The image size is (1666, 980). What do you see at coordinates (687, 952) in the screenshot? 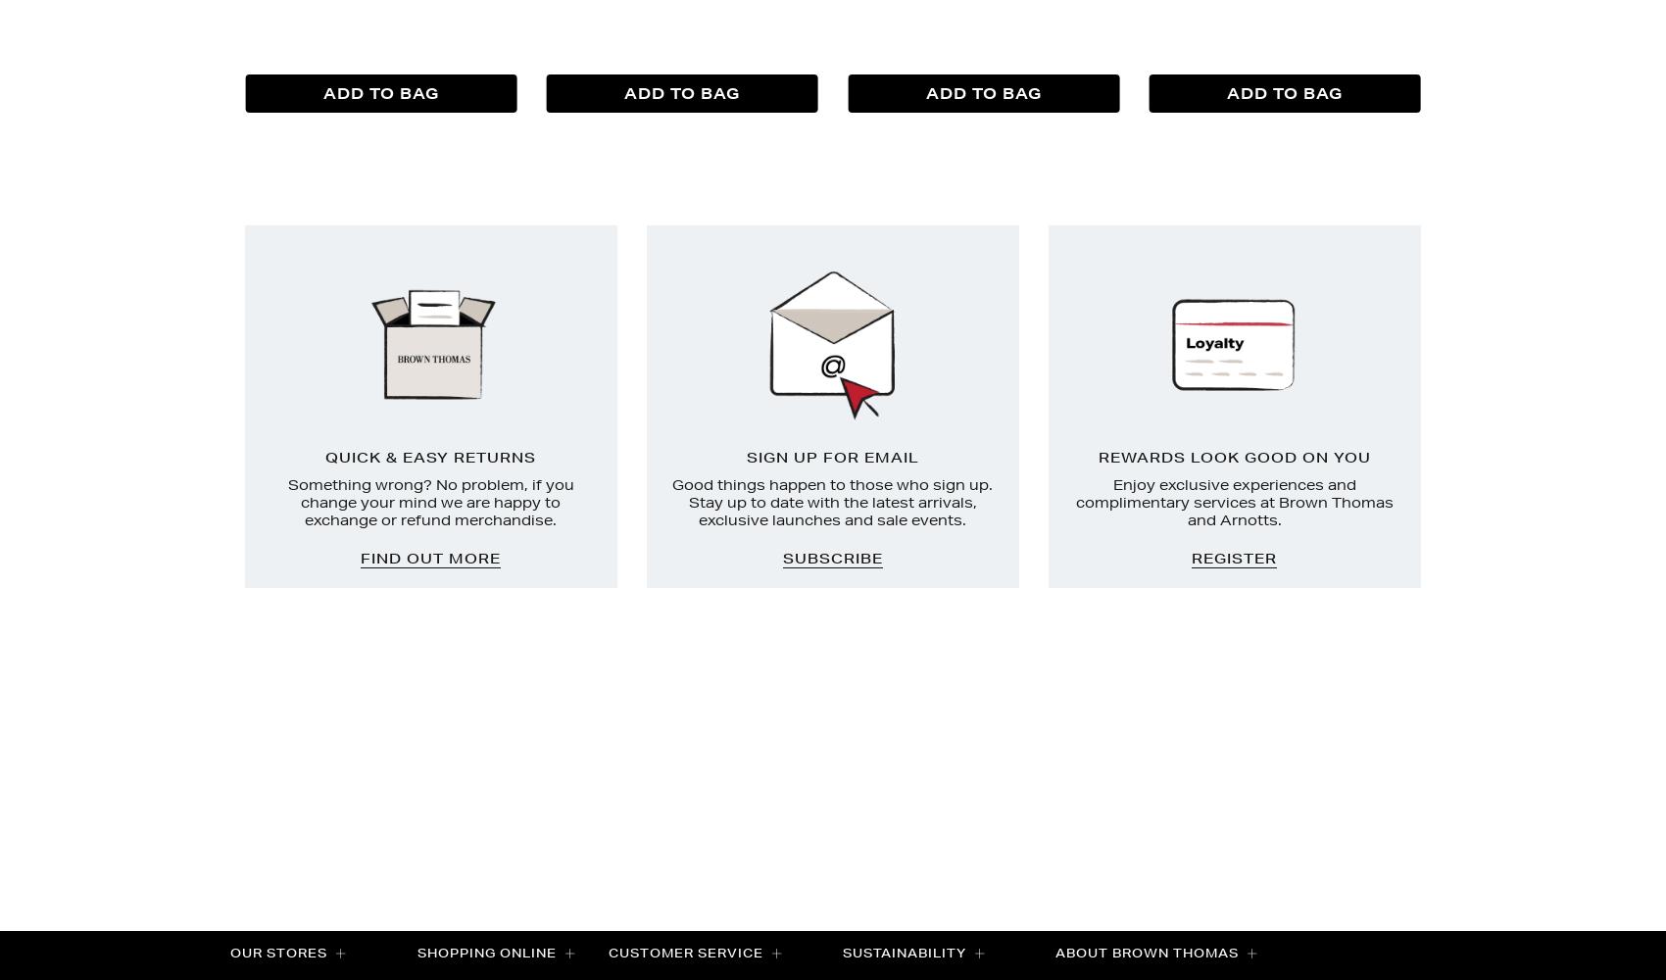
I see `'Customer Service'` at bounding box center [687, 952].